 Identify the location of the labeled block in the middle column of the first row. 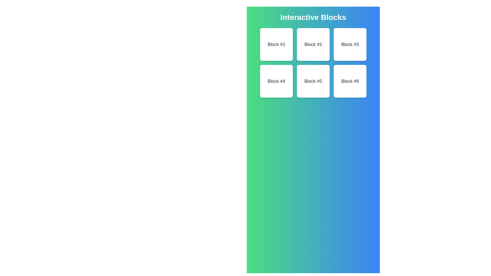
(313, 44).